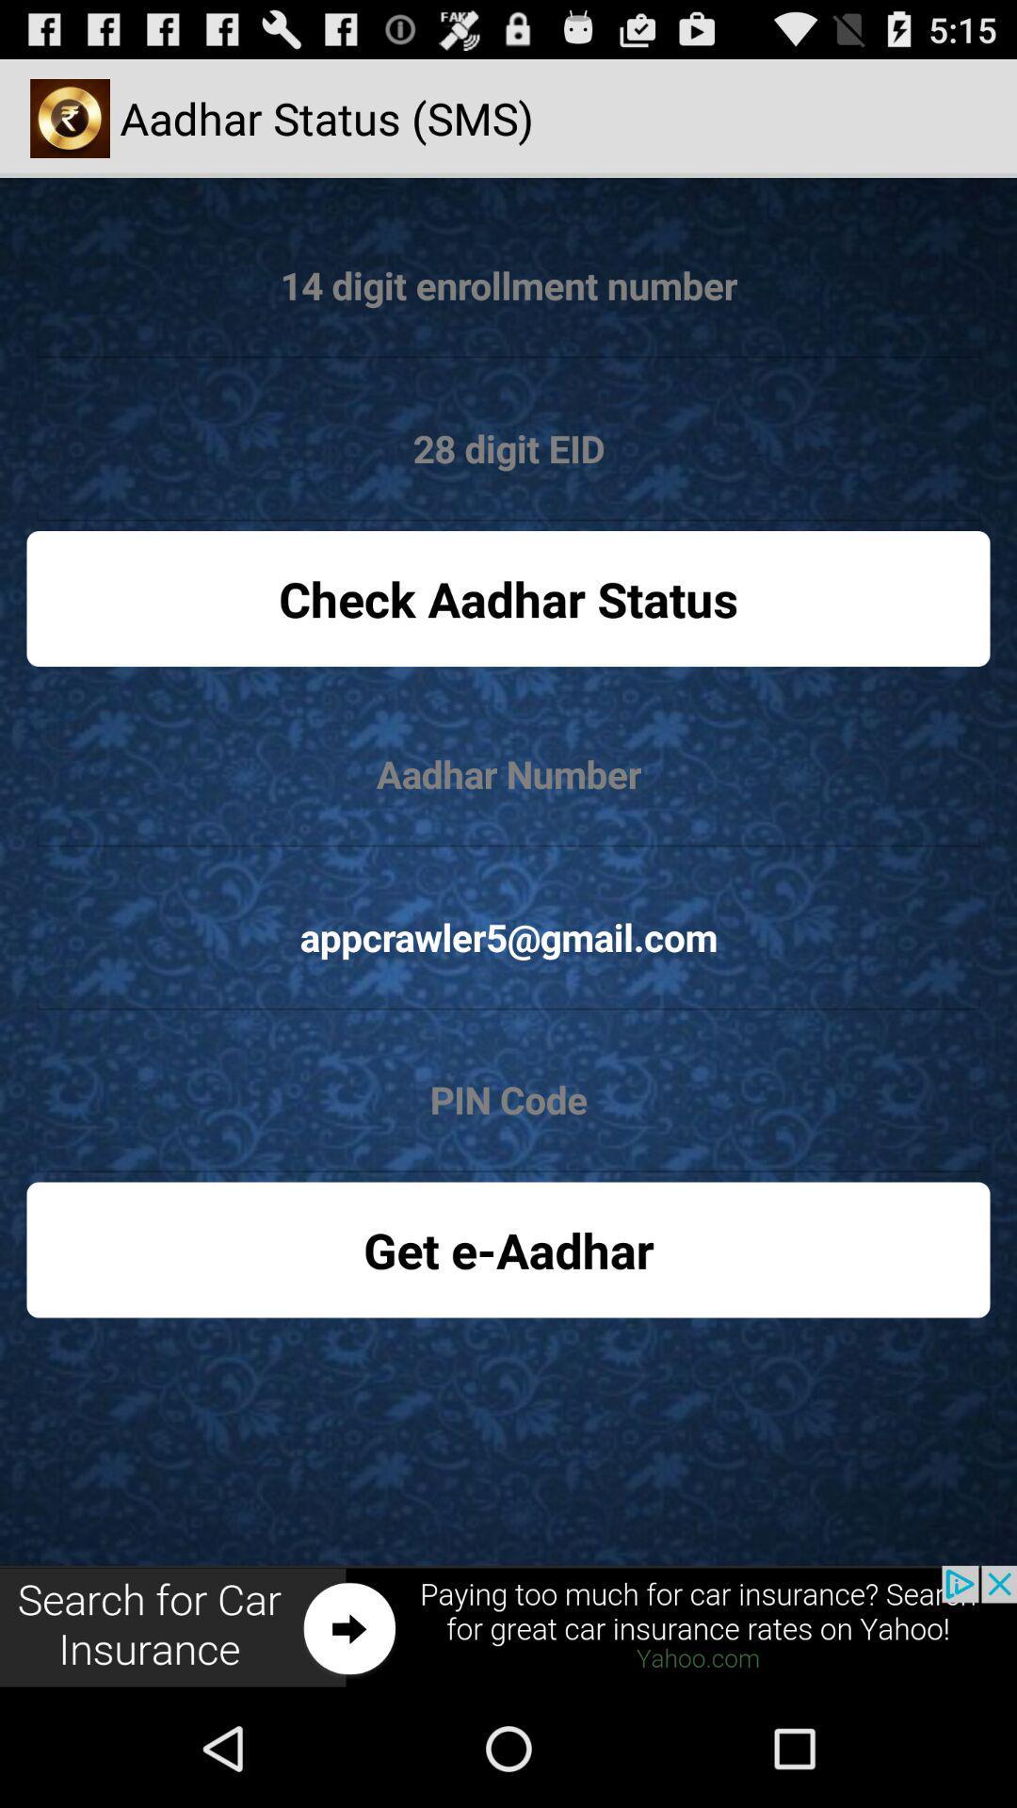 The image size is (1017, 1808). I want to click on advertisement banner, so click(508, 1626).